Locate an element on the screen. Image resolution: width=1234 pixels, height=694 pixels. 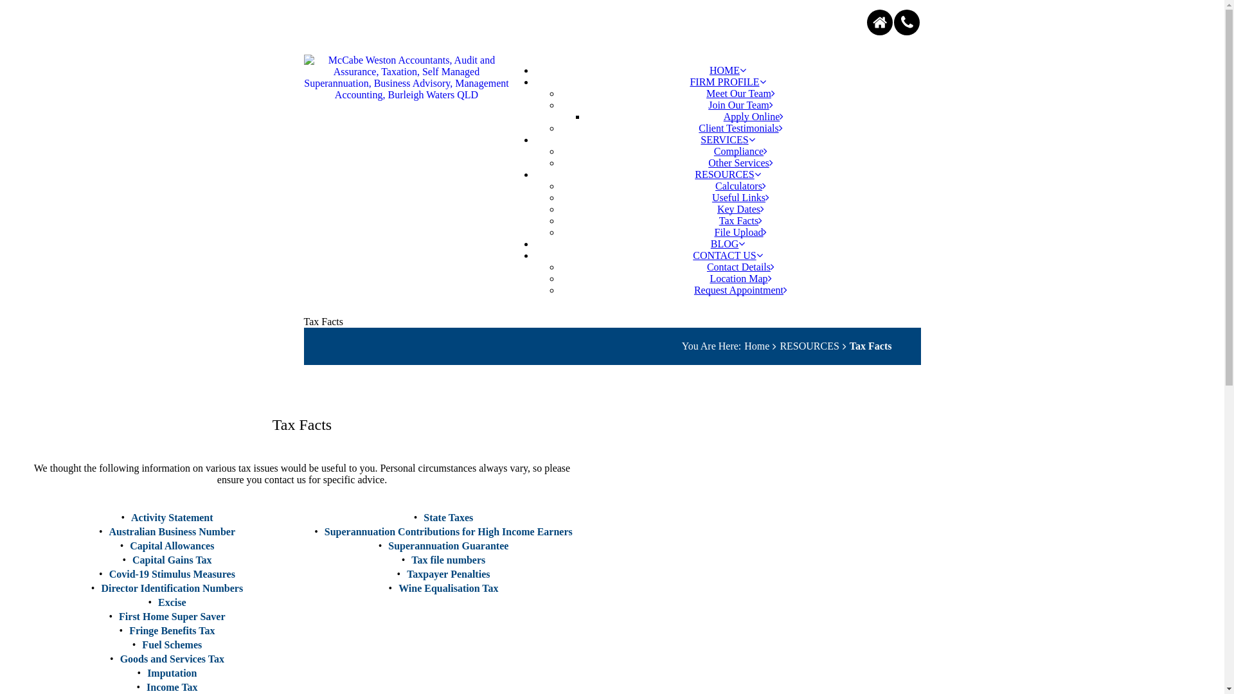
'First Home Super Saver' is located at coordinates (171, 616).